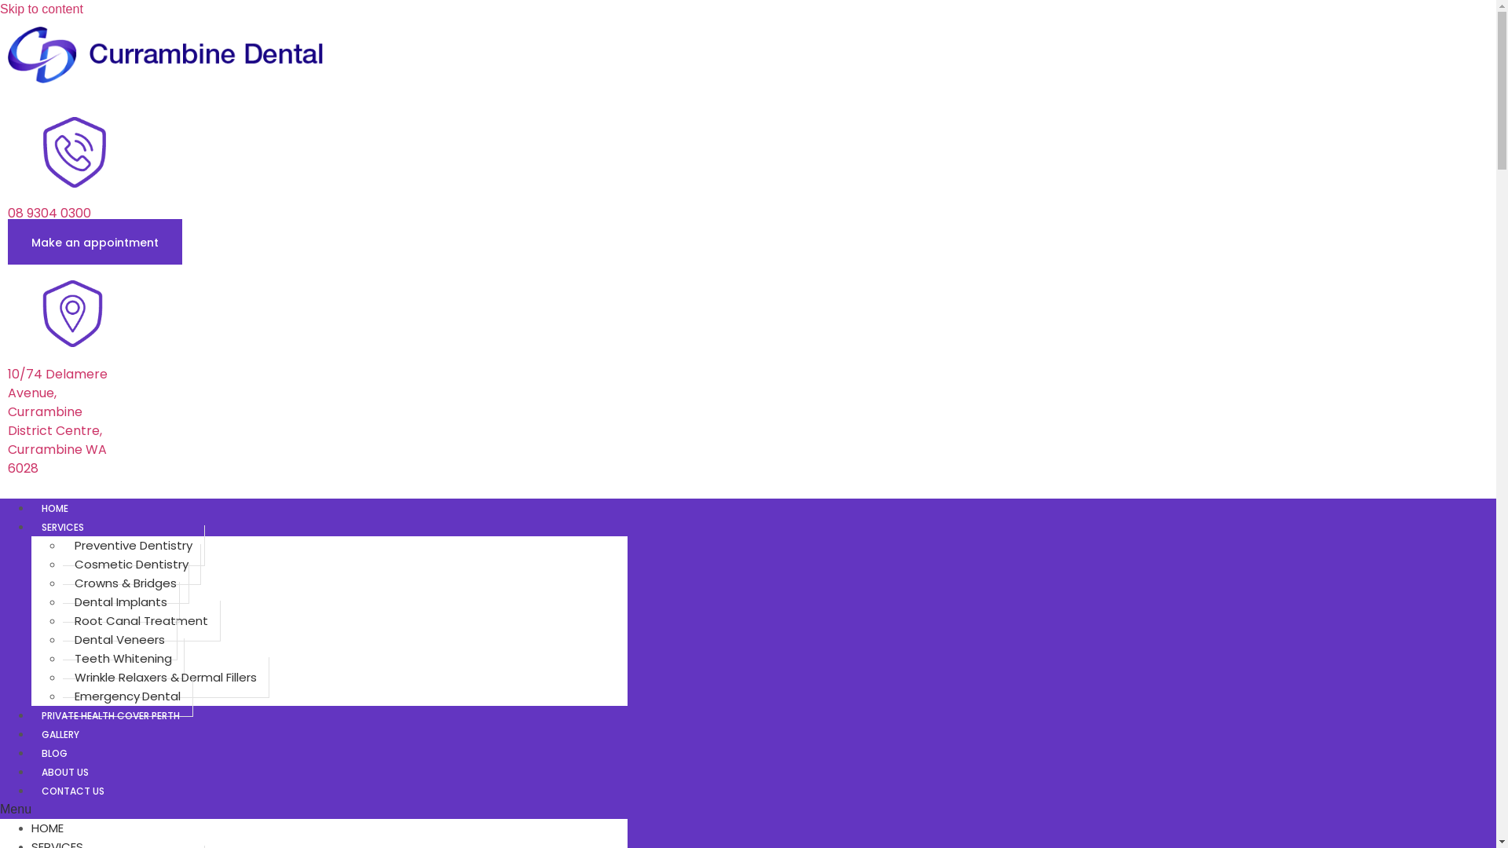 This screenshot has height=848, width=1508. I want to click on 'Dental Implants', so click(120, 601).